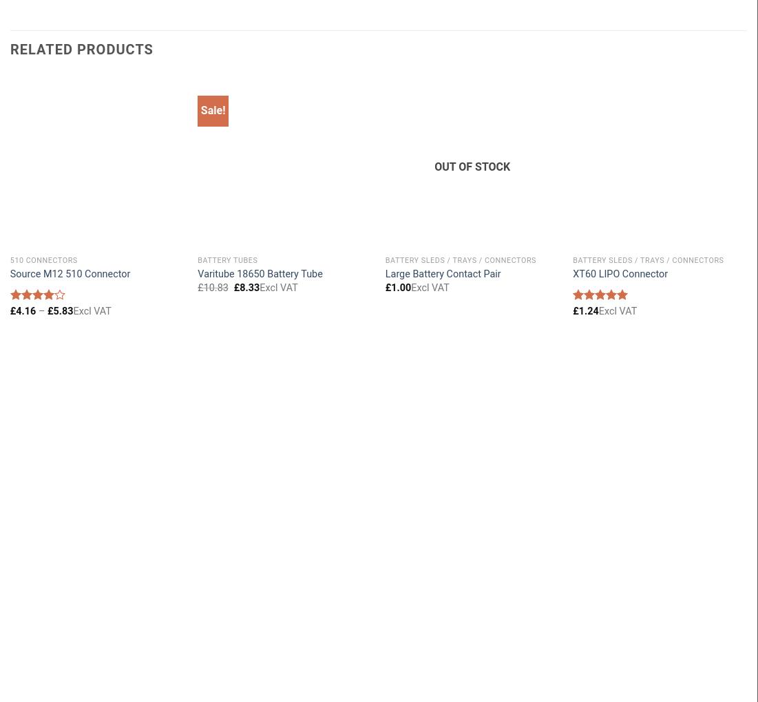  Describe the element at coordinates (18, 320) in the screenshot. I see `'4.00'` at that location.